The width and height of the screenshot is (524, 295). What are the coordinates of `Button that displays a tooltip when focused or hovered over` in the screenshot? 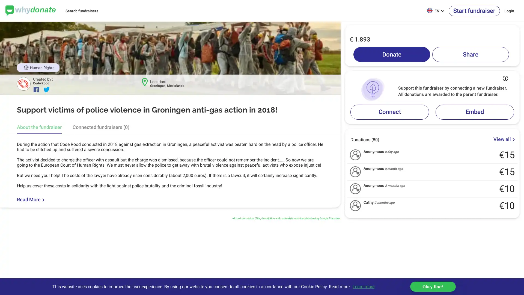 It's located at (507, 80).